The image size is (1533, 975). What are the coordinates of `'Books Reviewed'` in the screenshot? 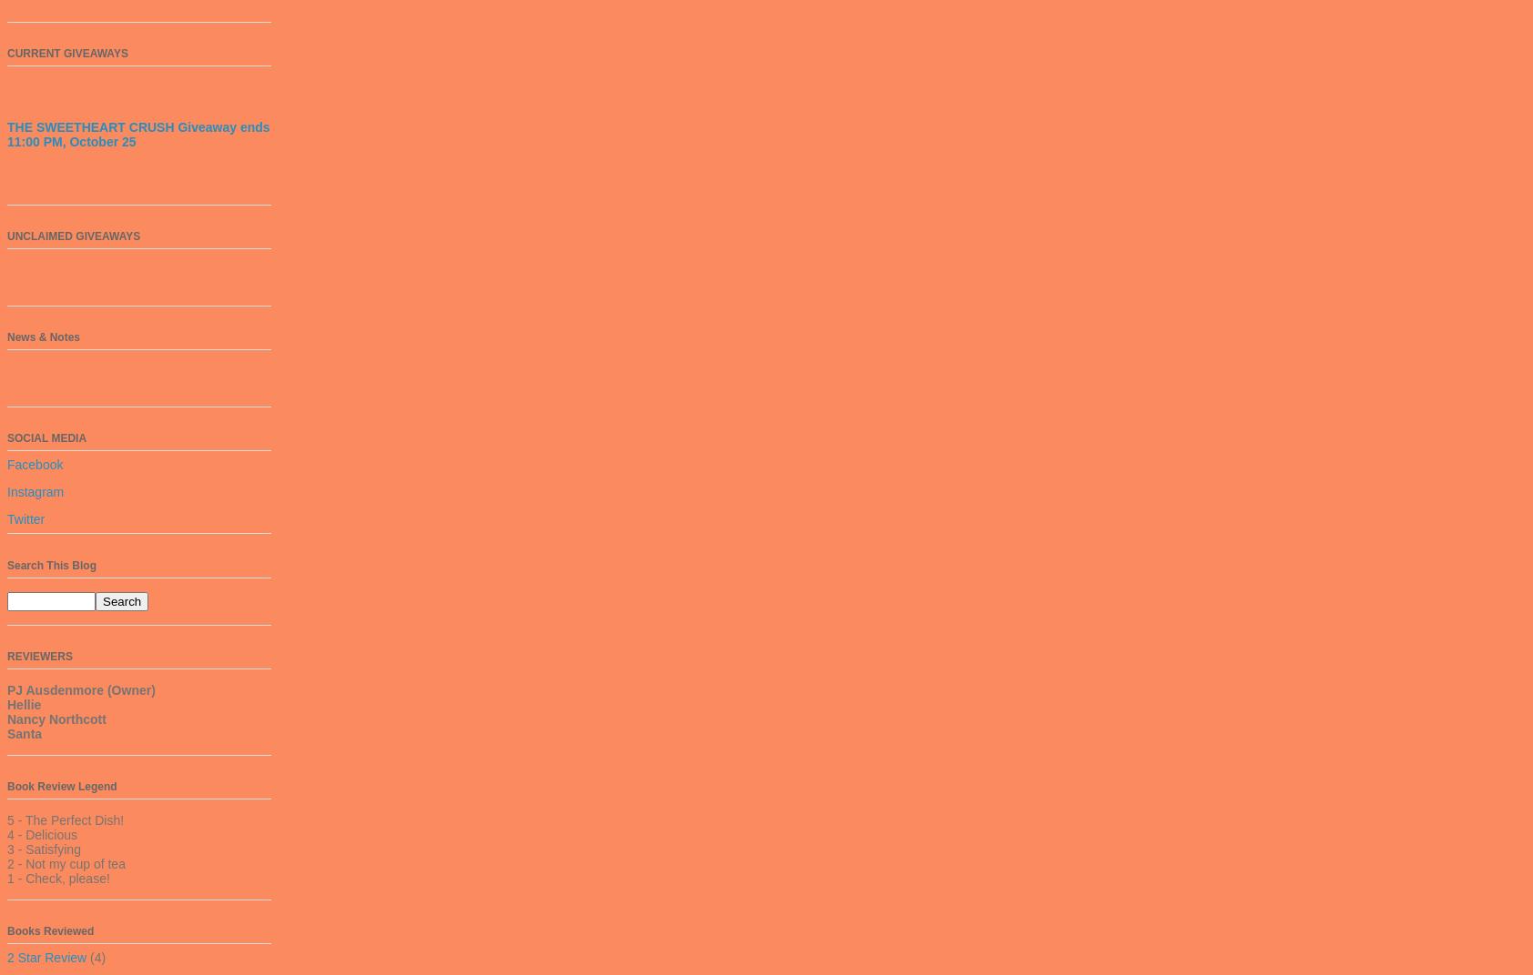 It's located at (49, 930).